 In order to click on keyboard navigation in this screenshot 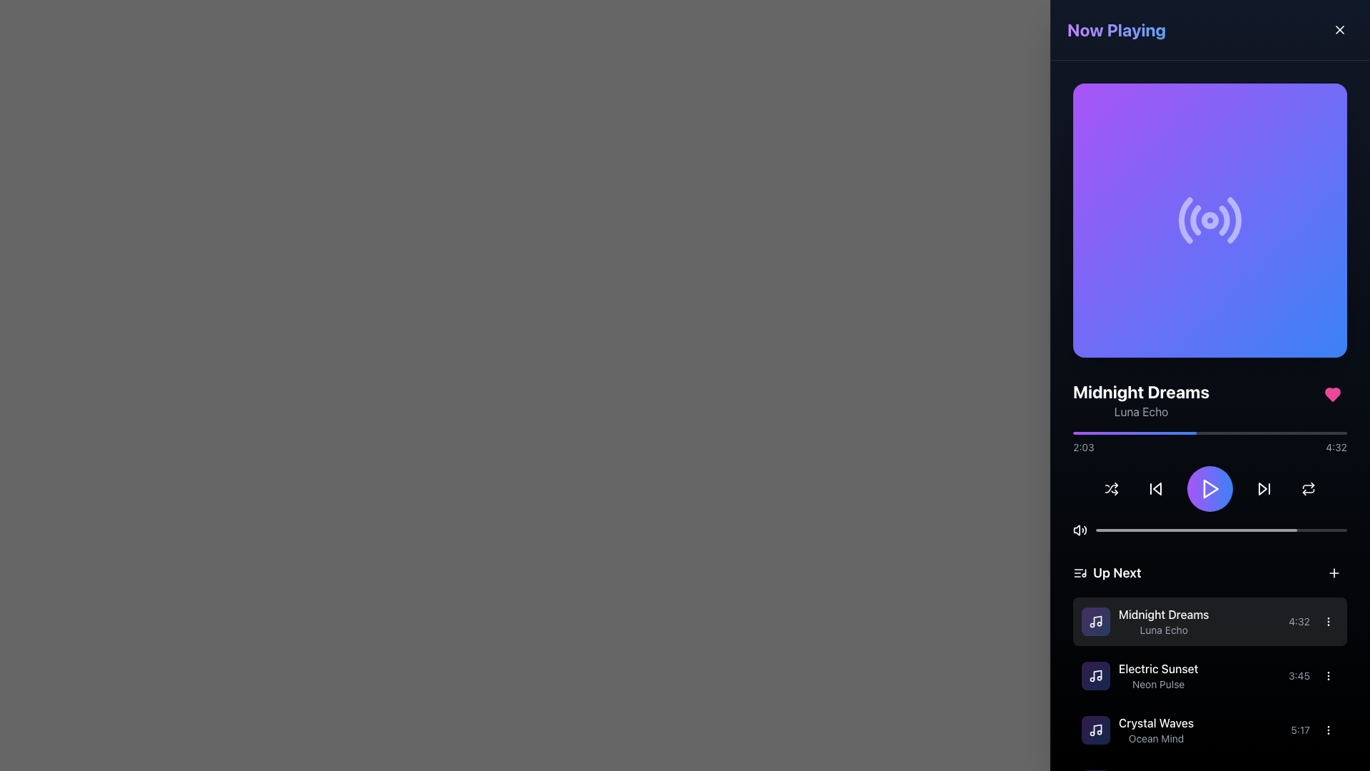, I will do `click(1339, 30)`.